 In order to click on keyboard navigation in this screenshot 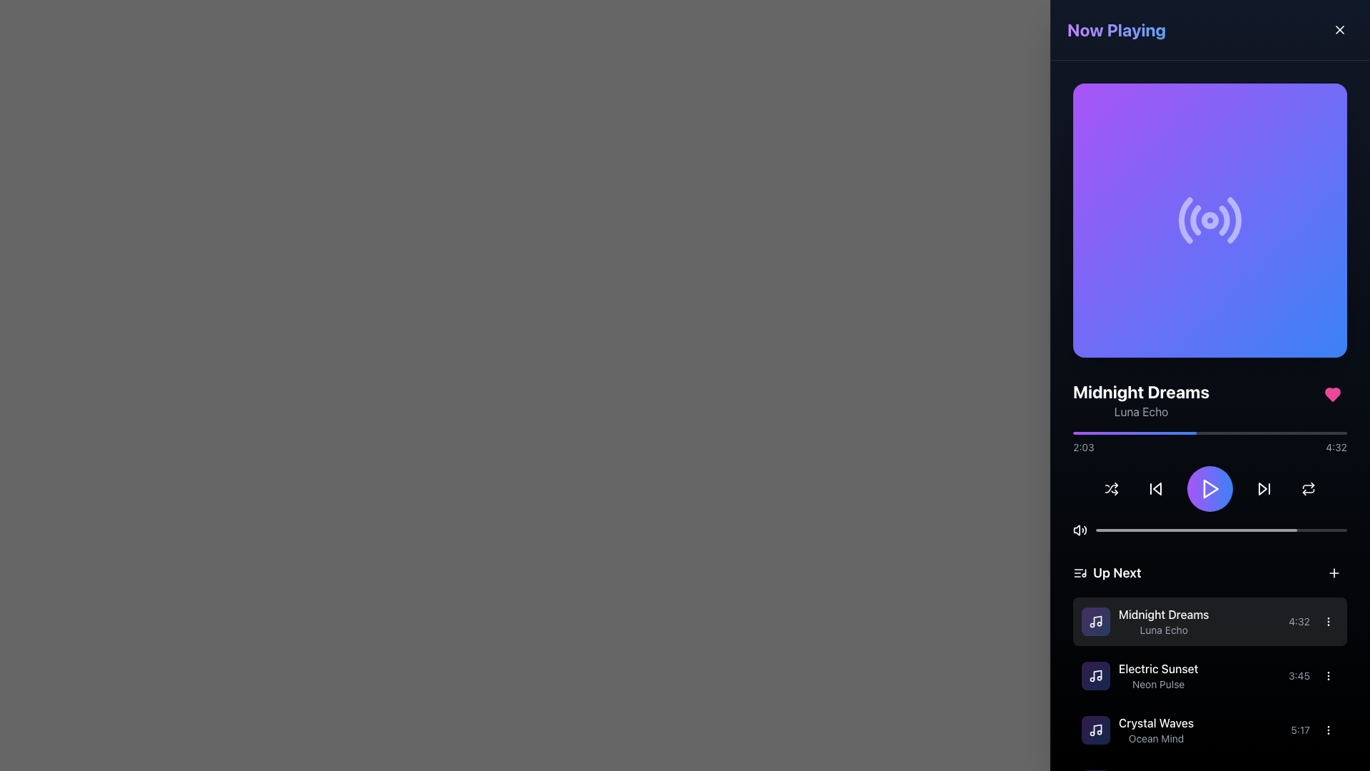, I will do `click(1339, 30)`.